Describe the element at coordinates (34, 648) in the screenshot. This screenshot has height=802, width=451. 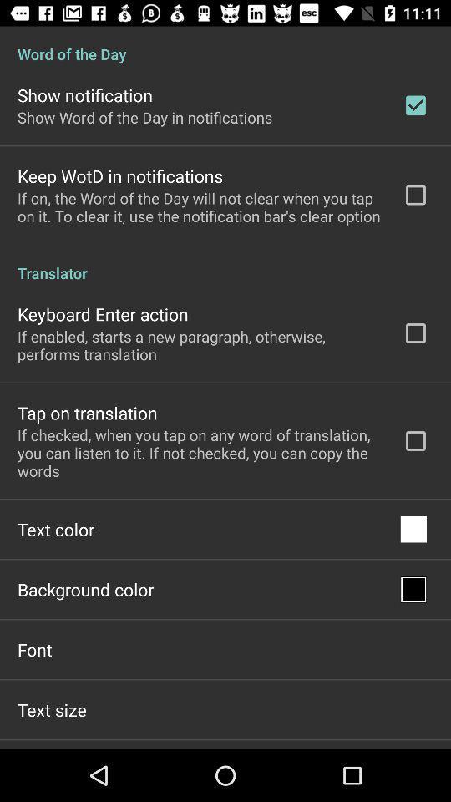
I see `the app above the text size item` at that location.